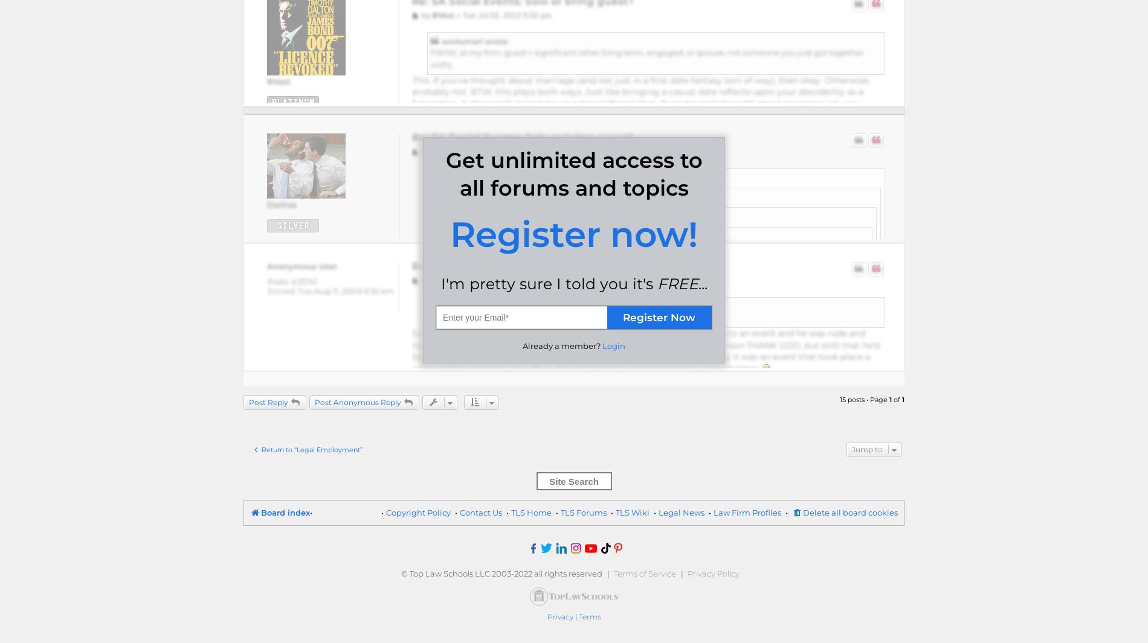 The height and width of the screenshot is (643, 1148). I want to click on 'Login', so click(613, 345).